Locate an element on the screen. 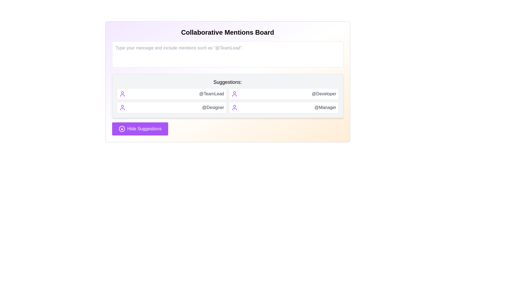 The image size is (525, 295). the 'Suggestions:' text label, which is a bold heading centered above the suggestions grid is located at coordinates (227, 82).